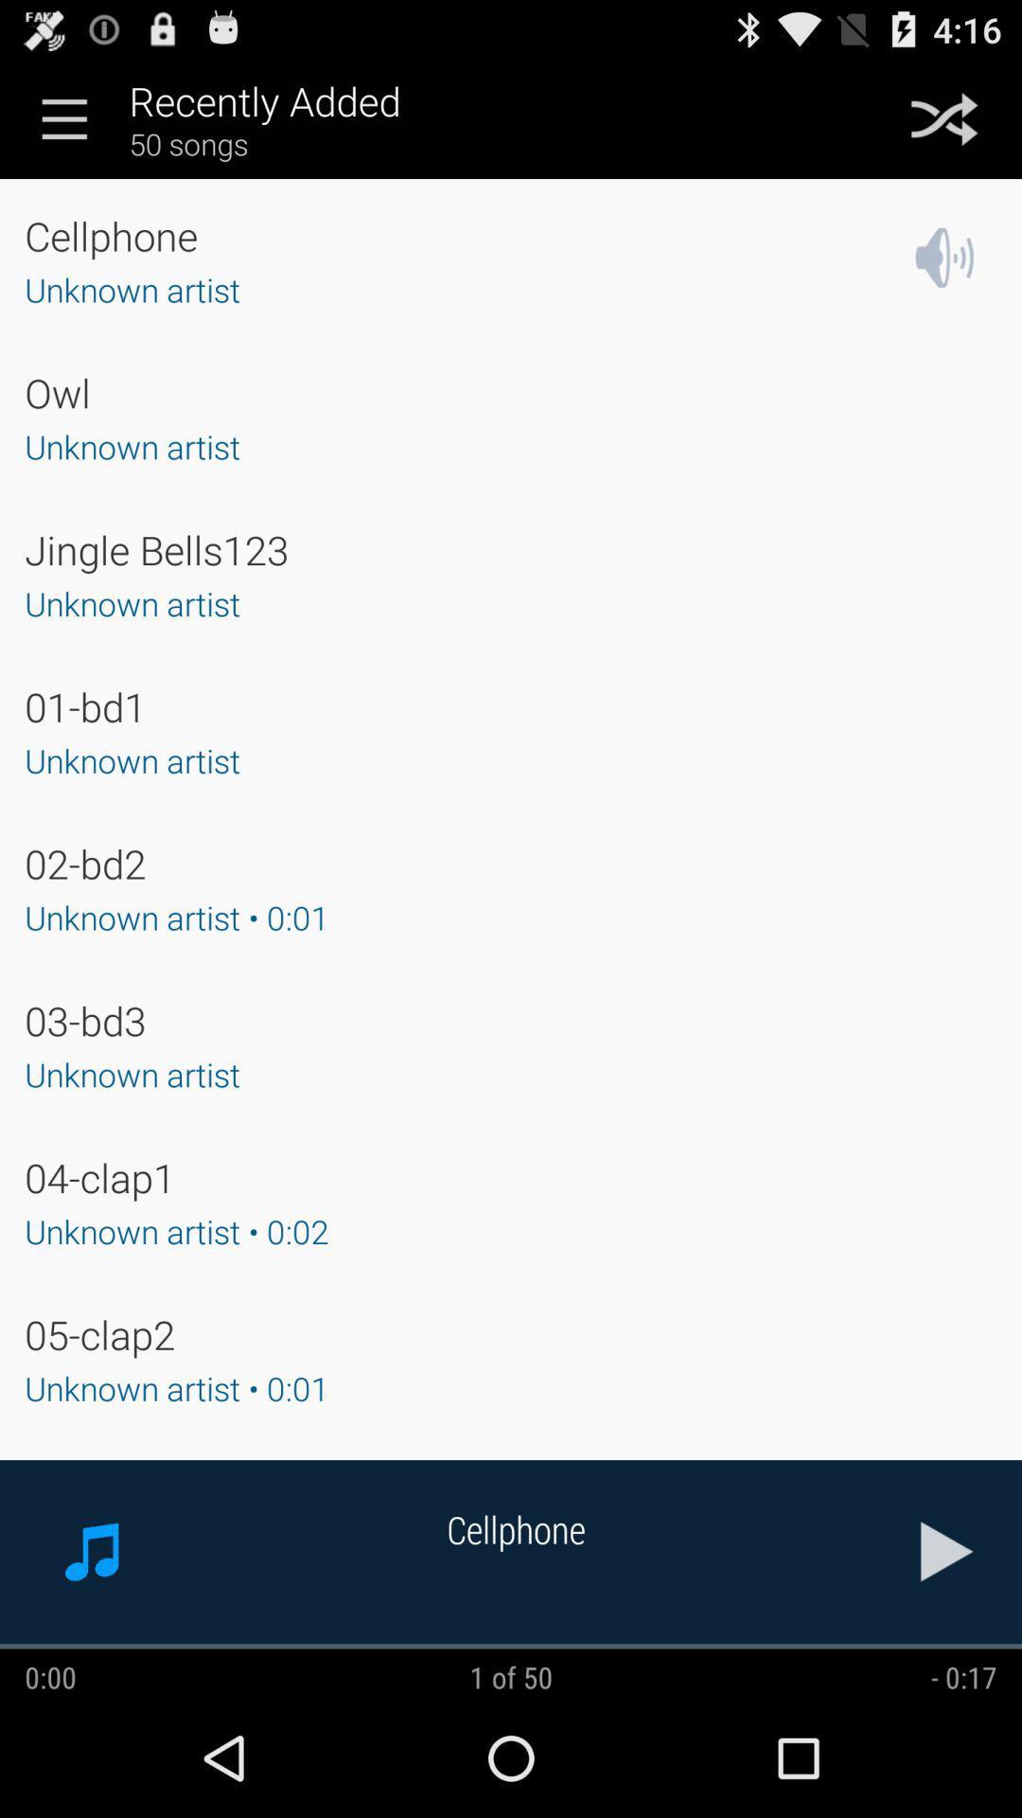  What do you see at coordinates (85, 863) in the screenshot?
I see `app below the unknown artist` at bounding box center [85, 863].